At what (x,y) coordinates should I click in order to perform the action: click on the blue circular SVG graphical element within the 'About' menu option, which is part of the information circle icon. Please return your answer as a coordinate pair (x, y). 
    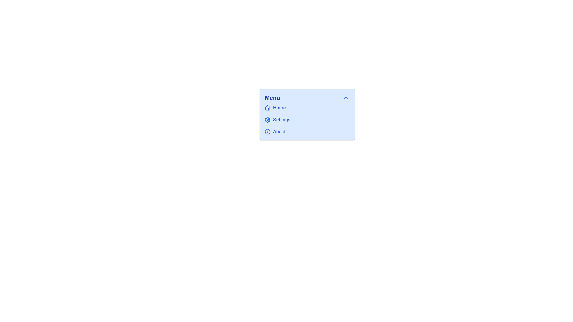
    Looking at the image, I should click on (267, 131).